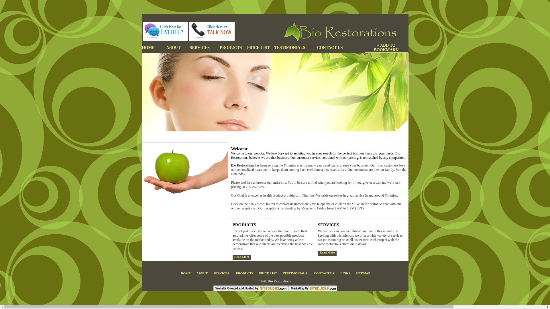 The image size is (550, 309). What do you see at coordinates (177, 47) in the screenshot?
I see `'ABOUT'` at bounding box center [177, 47].